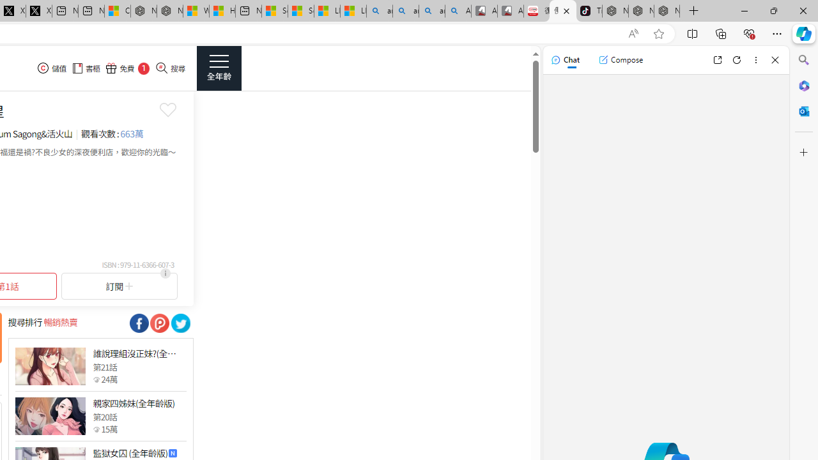 Image resolution: width=818 pixels, height=460 pixels. I want to click on 'Class: side_menu_btn actionRightMenuBtn', so click(219, 68).